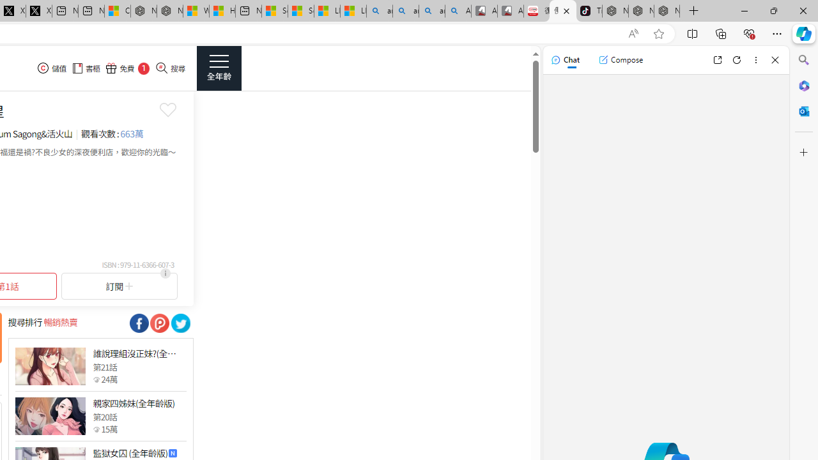 Image resolution: width=818 pixels, height=460 pixels. I want to click on 'Class: side_menu_btn actionRightMenuBtn', so click(219, 68).